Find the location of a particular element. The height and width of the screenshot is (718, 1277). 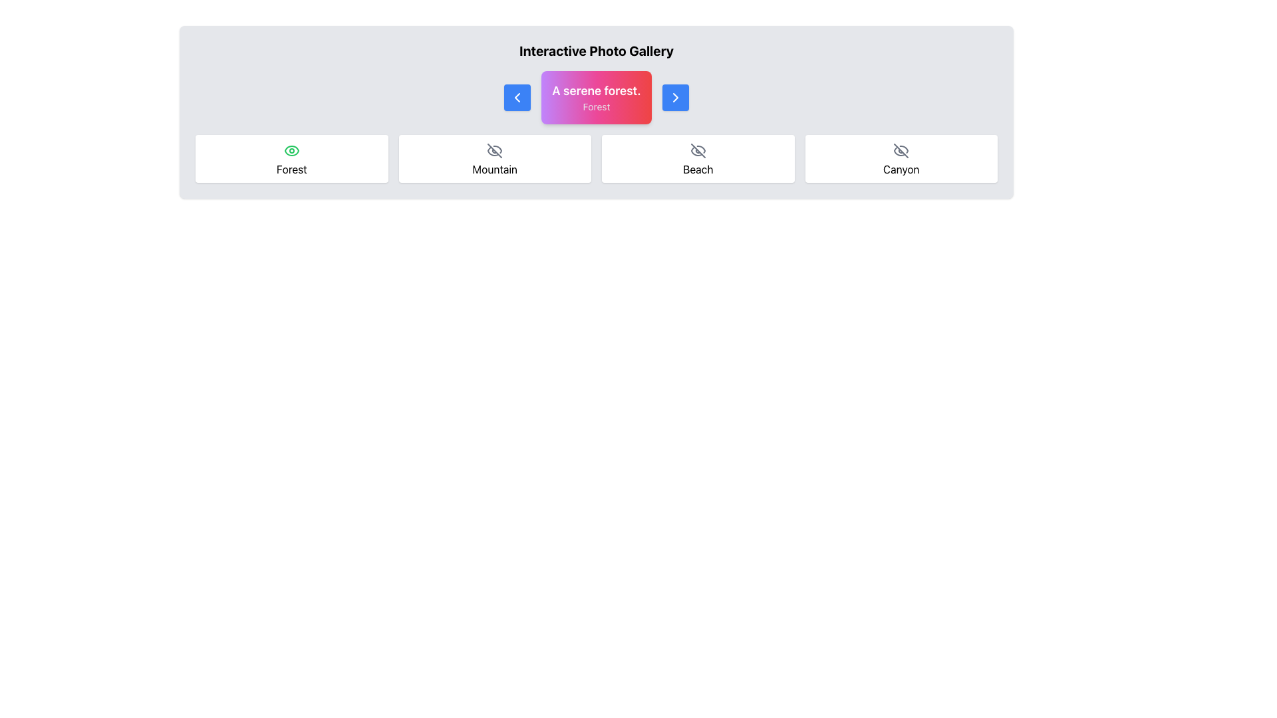

the Interactive Label with the eye-off icon and text 'Beach' to interact with this entry is located at coordinates (697, 158).